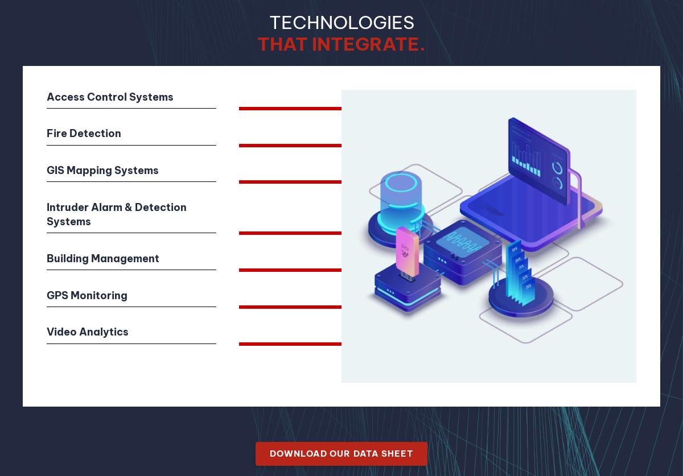  Describe the element at coordinates (109, 96) in the screenshot. I see `'Access Control Systems'` at that location.